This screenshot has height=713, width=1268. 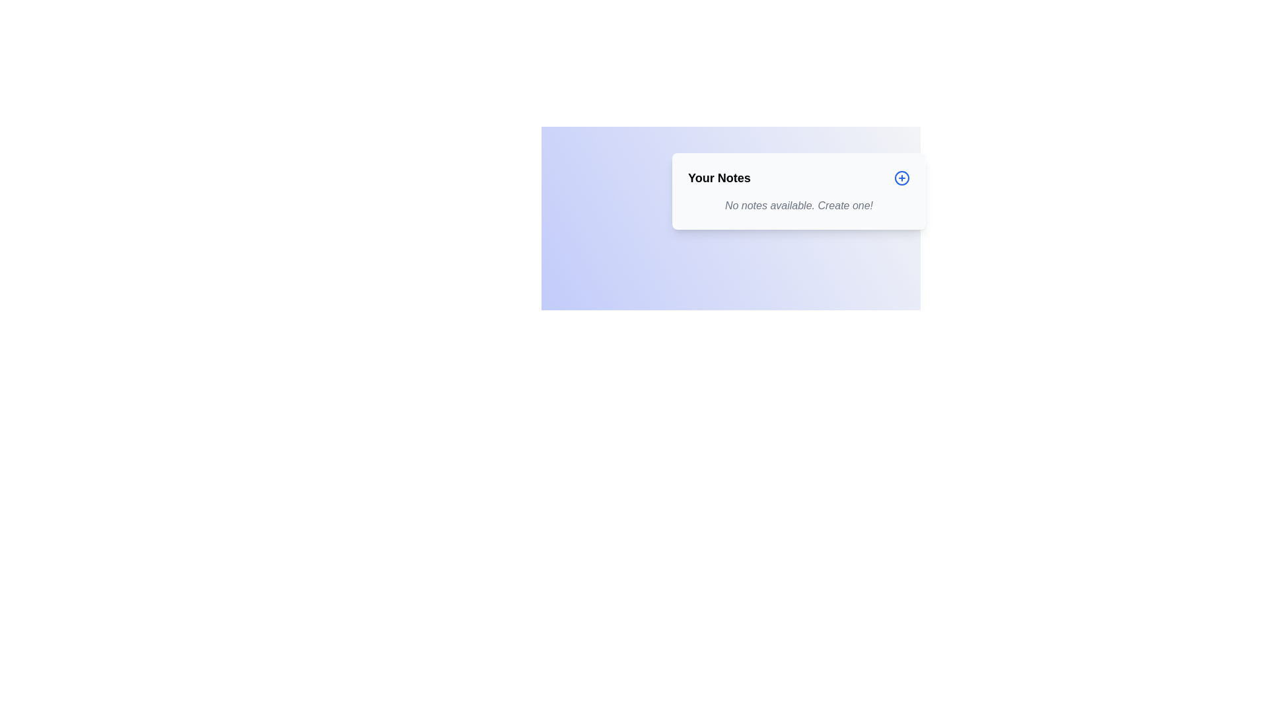 I want to click on the blue circular '+' icon located to the far-right of the 'Your Notes' title, so click(x=901, y=178).